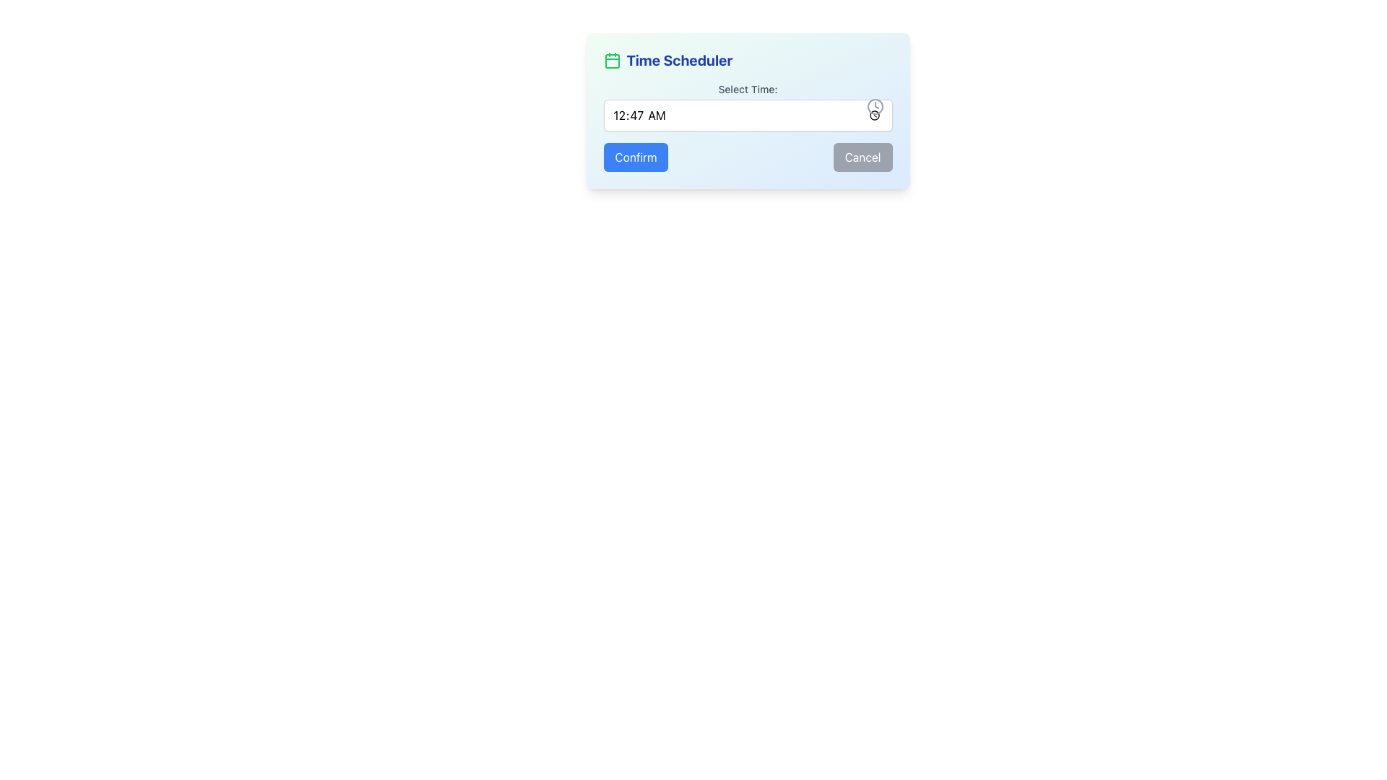 Image resolution: width=1387 pixels, height=780 pixels. What do you see at coordinates (748, 89) in the screenshot?
I see `the text label that says 'Select Time:', which is styled in gray and located above the time input field in the modal` at bounding box center [748, 89].